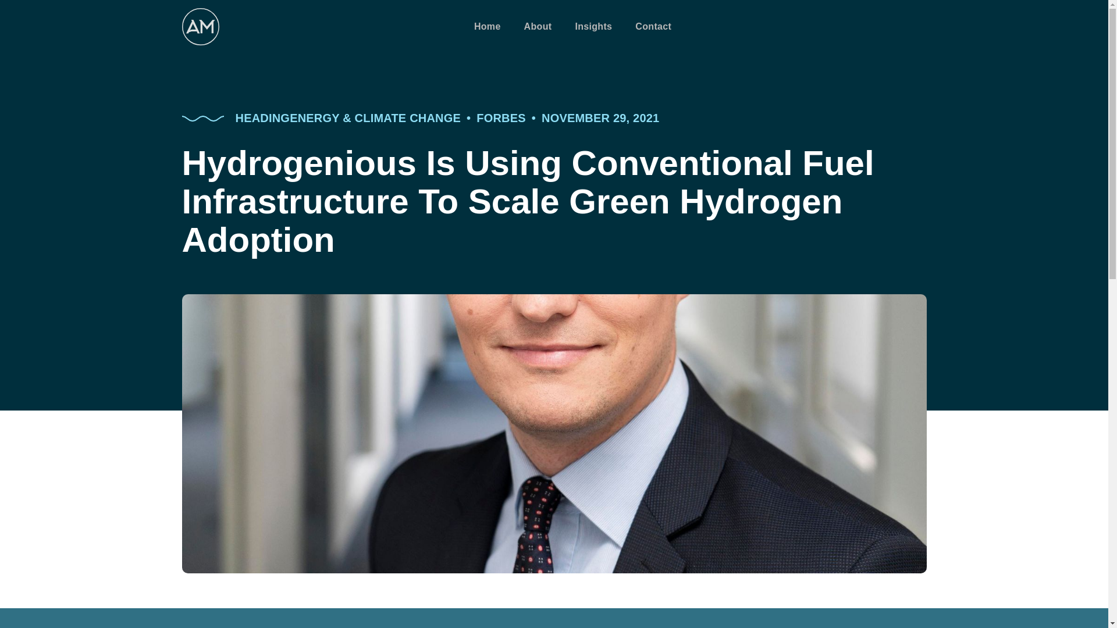 Image resolution: width=1117 pixels, height=628 pixels. Describe the element at coordinates (653, 26) in the screenshot. I see `'Contact'` at that location.